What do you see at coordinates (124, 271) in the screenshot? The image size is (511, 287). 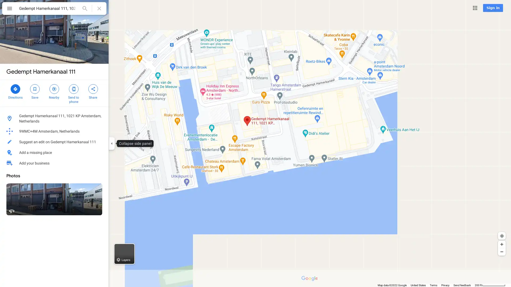 I see `Layers` at bounding box center [124, 271].